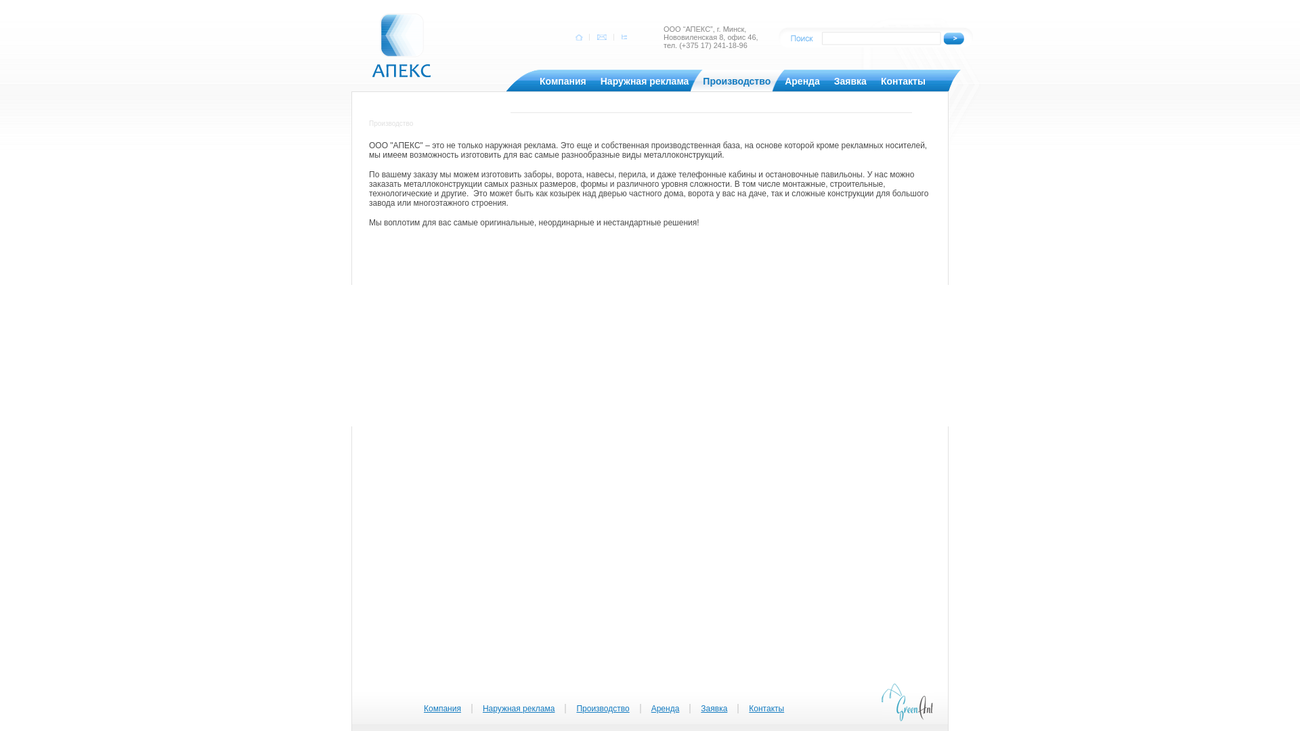  What do you see at coordinates (622, 36) in the screenshot?
I see `' '` at bounding box center [622, 36].